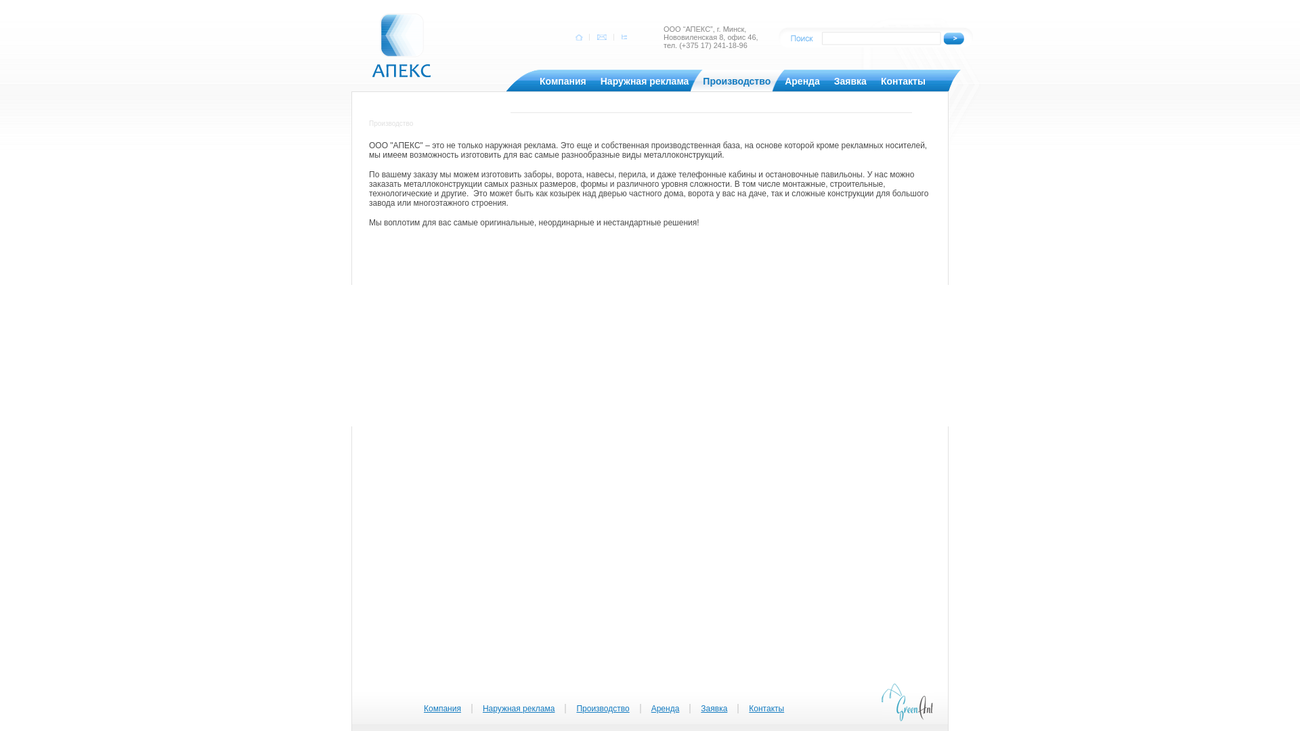  What do you see at coordinates (622, 36) in the screenshot?
I see `' '` at bounding box center [622, 36].